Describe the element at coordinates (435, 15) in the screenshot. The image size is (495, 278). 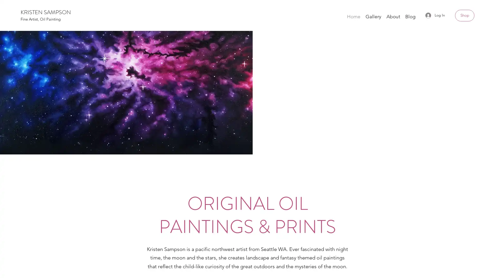
I see `Log In` at that location.